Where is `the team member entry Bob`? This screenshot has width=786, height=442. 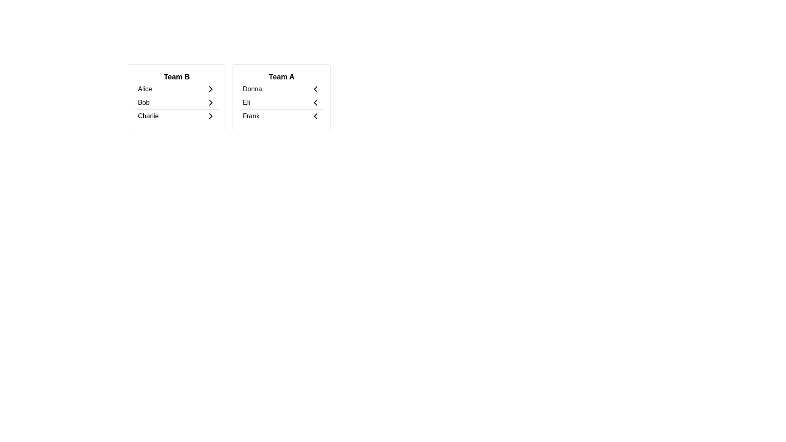
the team member entry Bob is located at coordinates (176, 102).